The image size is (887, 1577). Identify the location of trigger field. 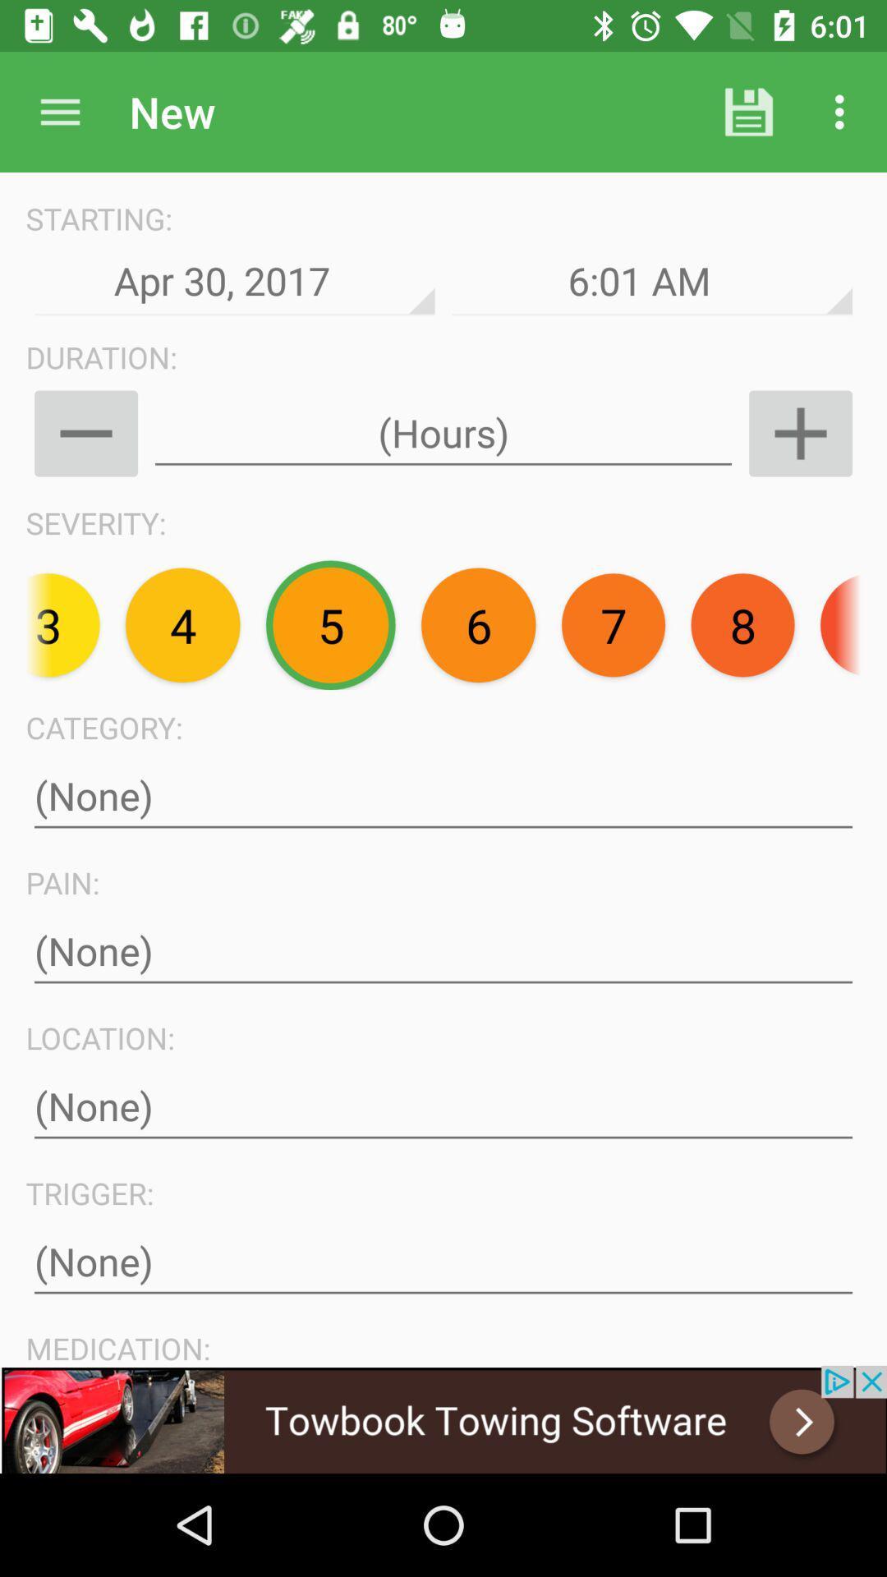
(443, 1261).